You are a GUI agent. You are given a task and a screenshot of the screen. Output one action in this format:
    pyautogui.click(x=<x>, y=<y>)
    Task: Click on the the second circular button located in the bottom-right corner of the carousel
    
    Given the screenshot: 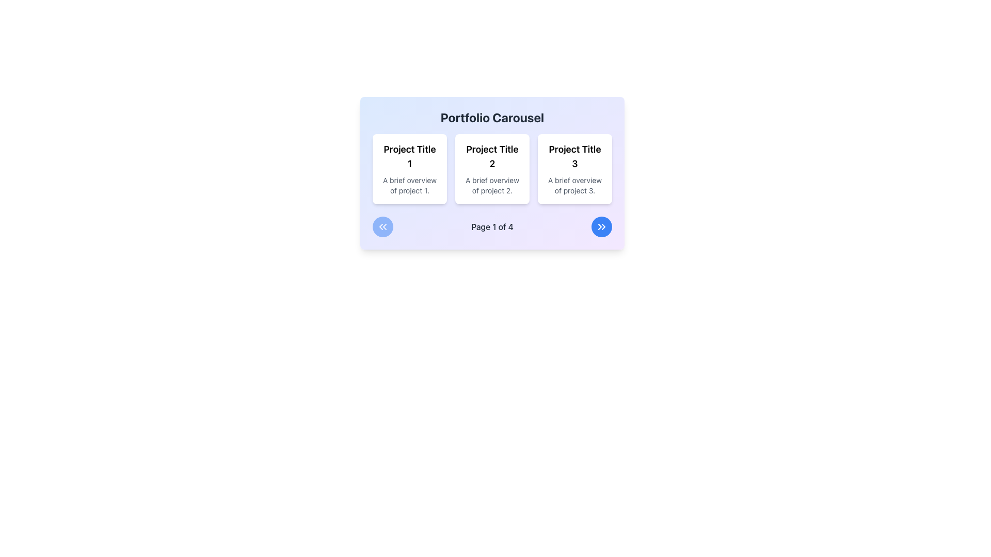 What is the action you would take?
    pyautogui.click(x=602, y=226)
    